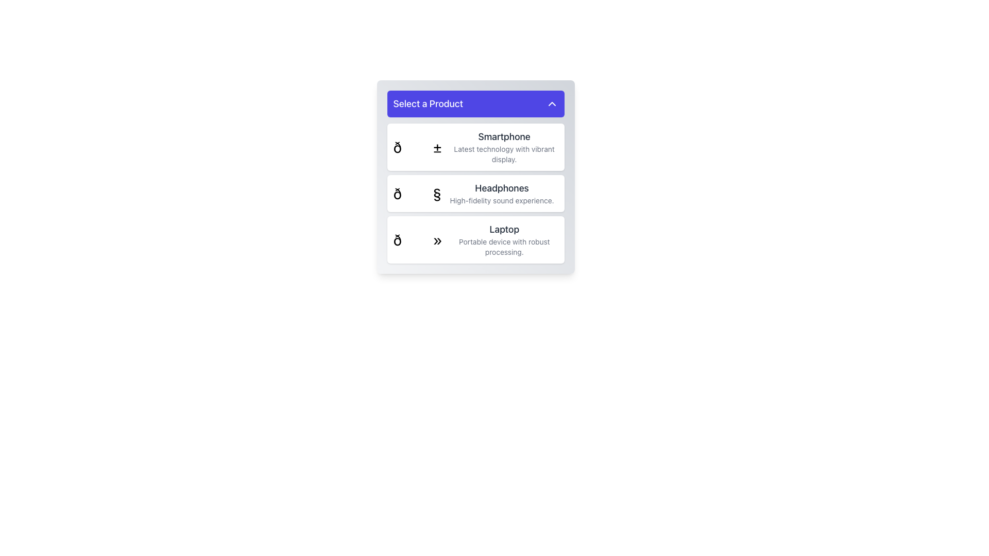  Describe the element at coordinates (475, 147) in the screenshot. I see `the first item in the product selection list for 'Smartphone', located below the 'Select a Product' header` at that location.